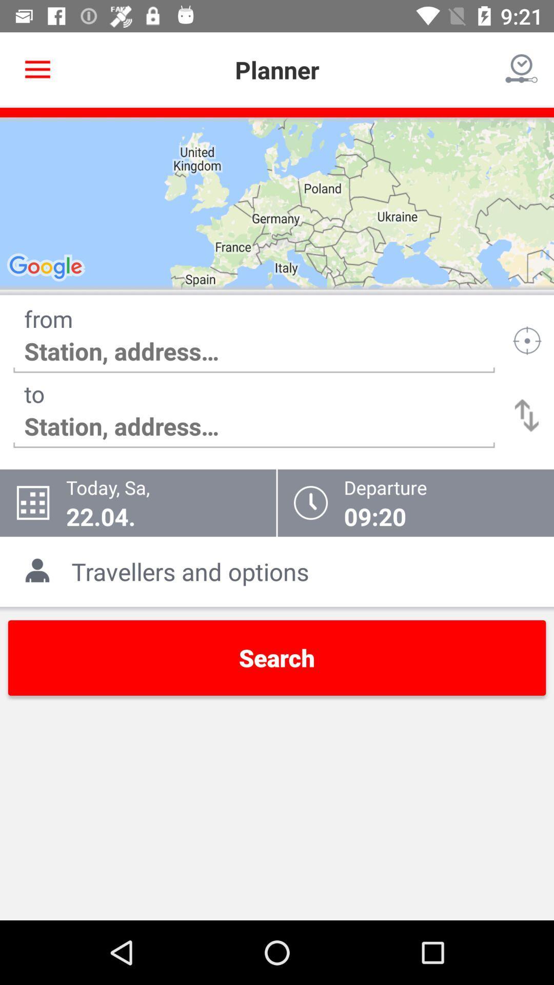  I want to click on the search icon, so click(277, 658).